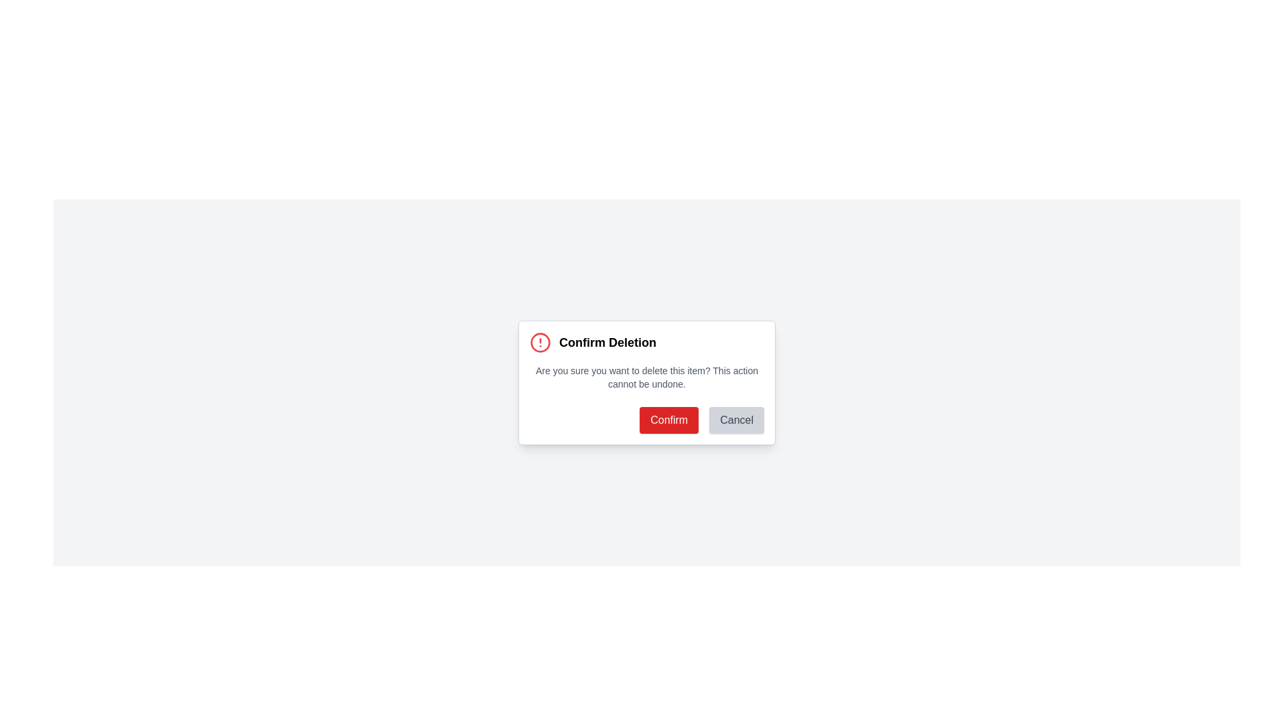  Describe the element at coordinates (669, 420) in the screenshot. I see `the confirm button located on the bottom right of the dialog box, positioned to the left of the 'Cancel' button` at that location.